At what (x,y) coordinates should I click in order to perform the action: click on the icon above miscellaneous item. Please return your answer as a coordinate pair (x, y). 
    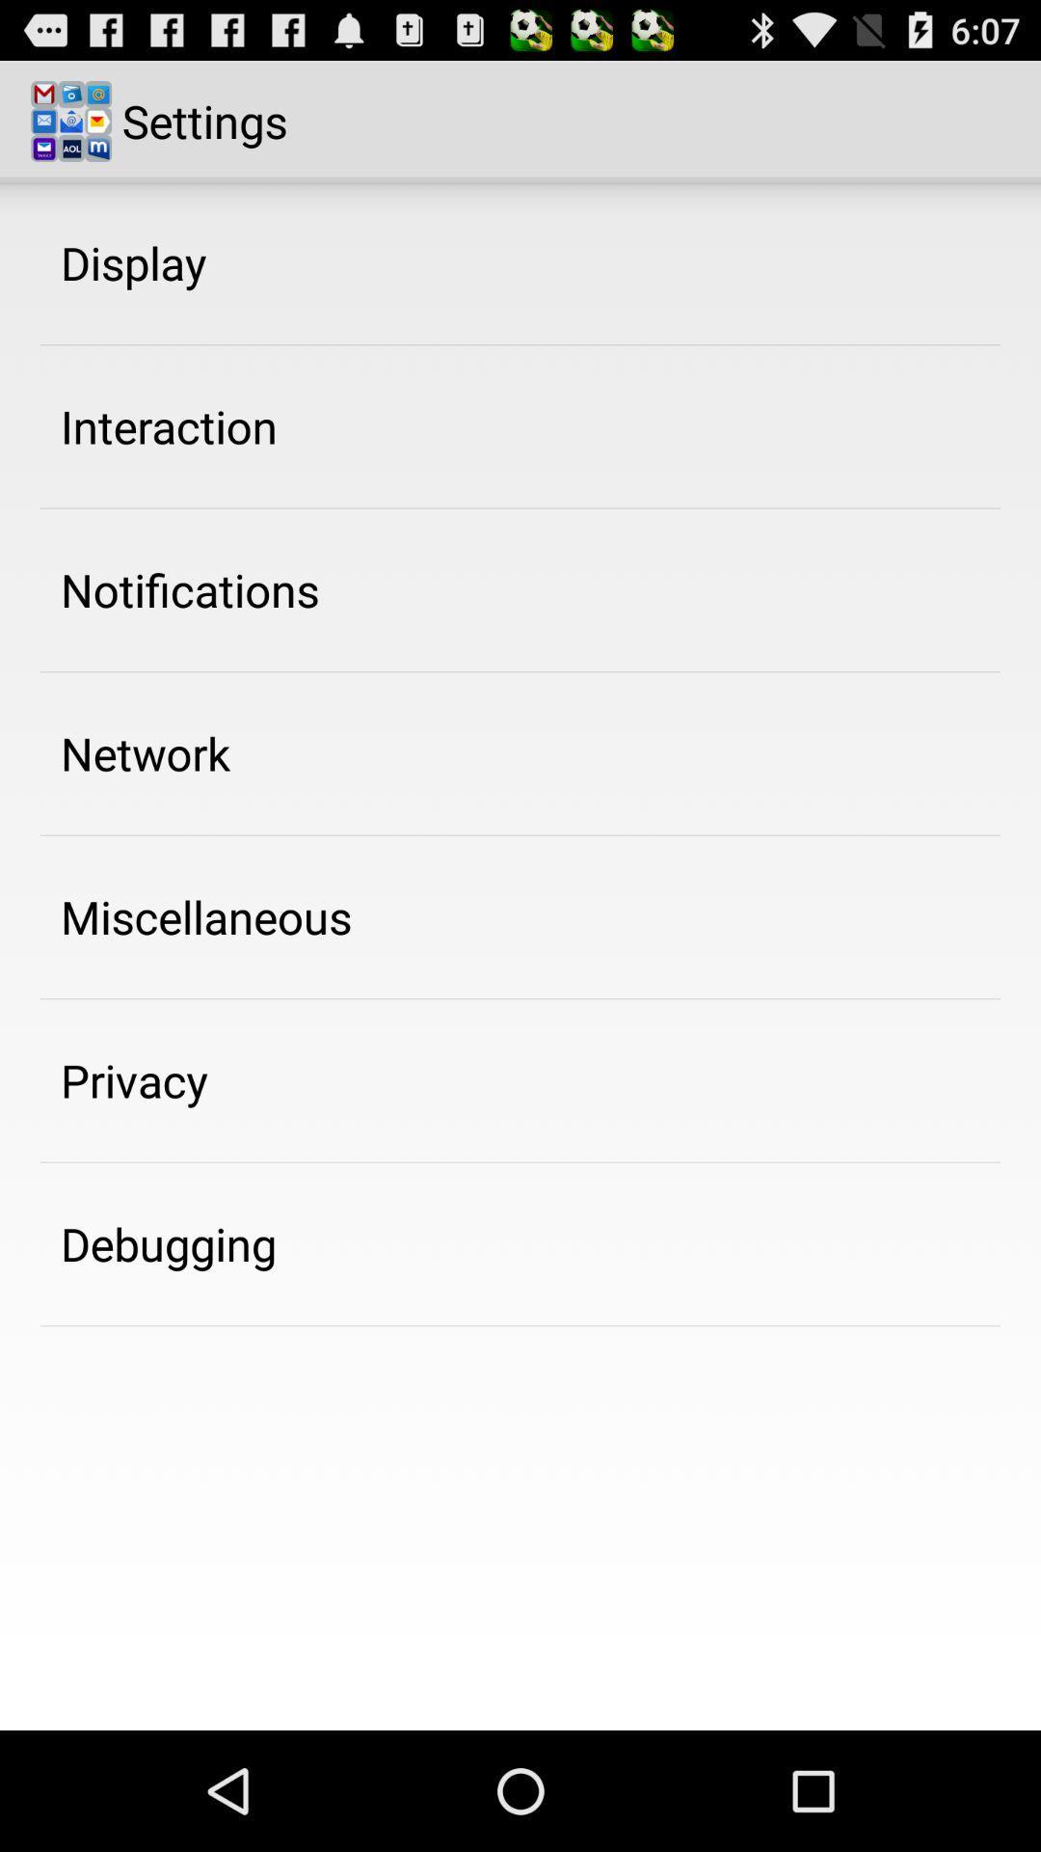
    Looking at the image, I should click on (145, 752).